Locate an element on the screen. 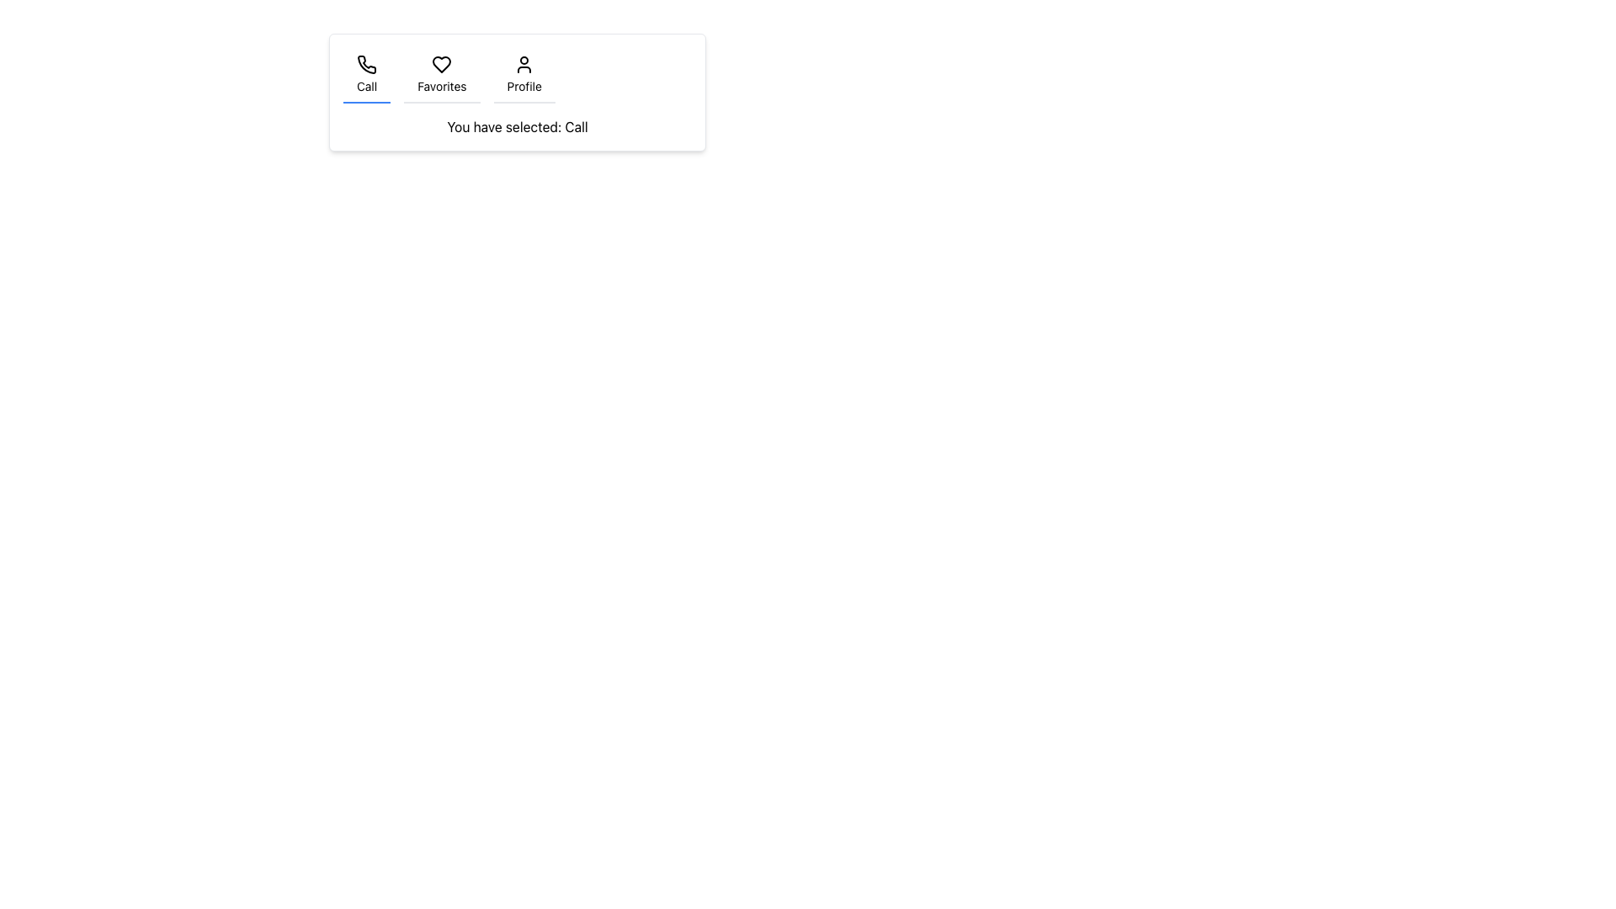 This screenshot has width=1616, height=909. the heart icon in the navigation bar is located at coordinates (442, 64).